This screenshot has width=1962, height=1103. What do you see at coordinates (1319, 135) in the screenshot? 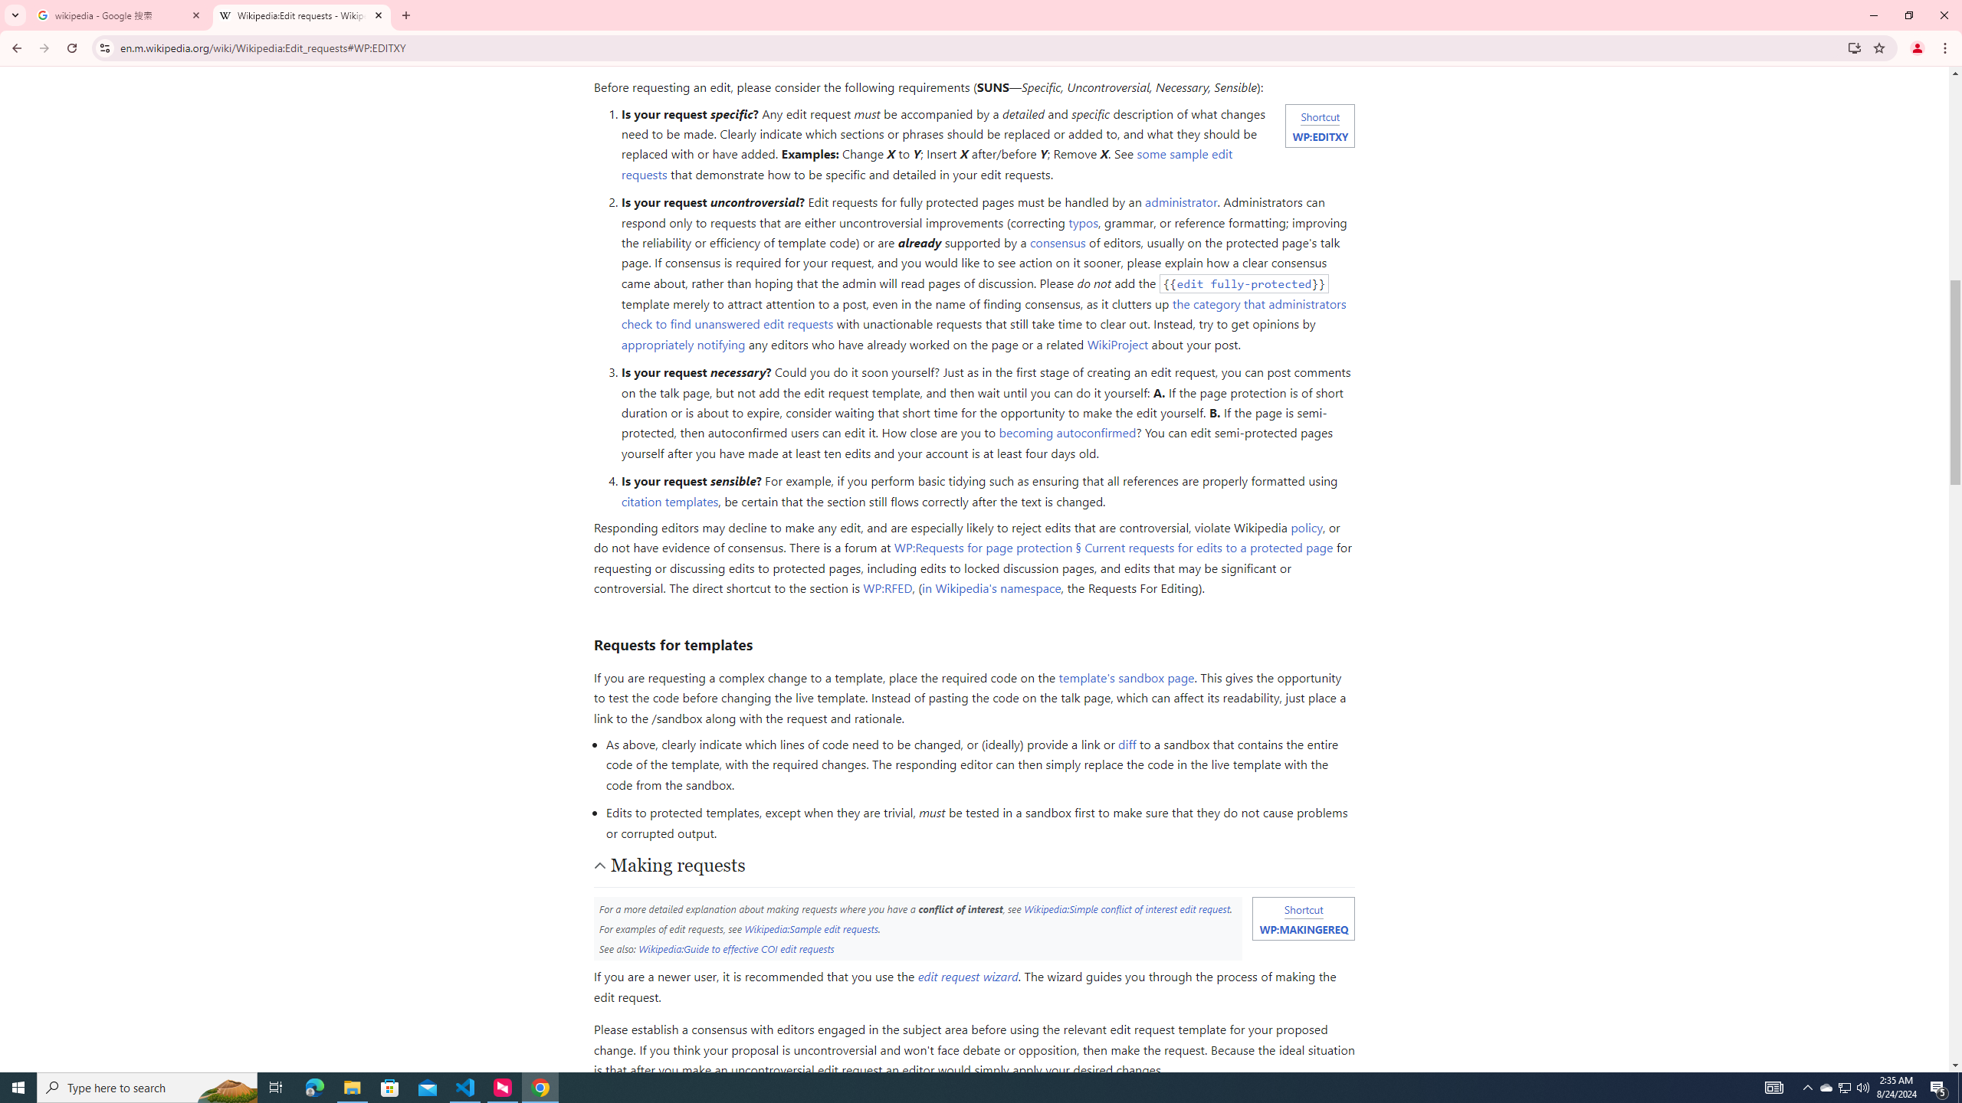
I see `'WP:EDITXY'` at bounding box center [1319, 135].